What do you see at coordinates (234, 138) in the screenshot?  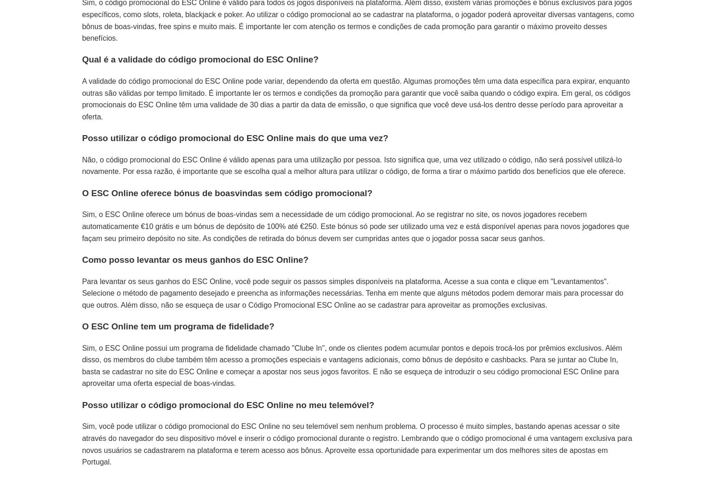 I see `'Posso utilizar o código promocional do ESC Online mais do que uma vez?'` at bounding box center [234, 138].